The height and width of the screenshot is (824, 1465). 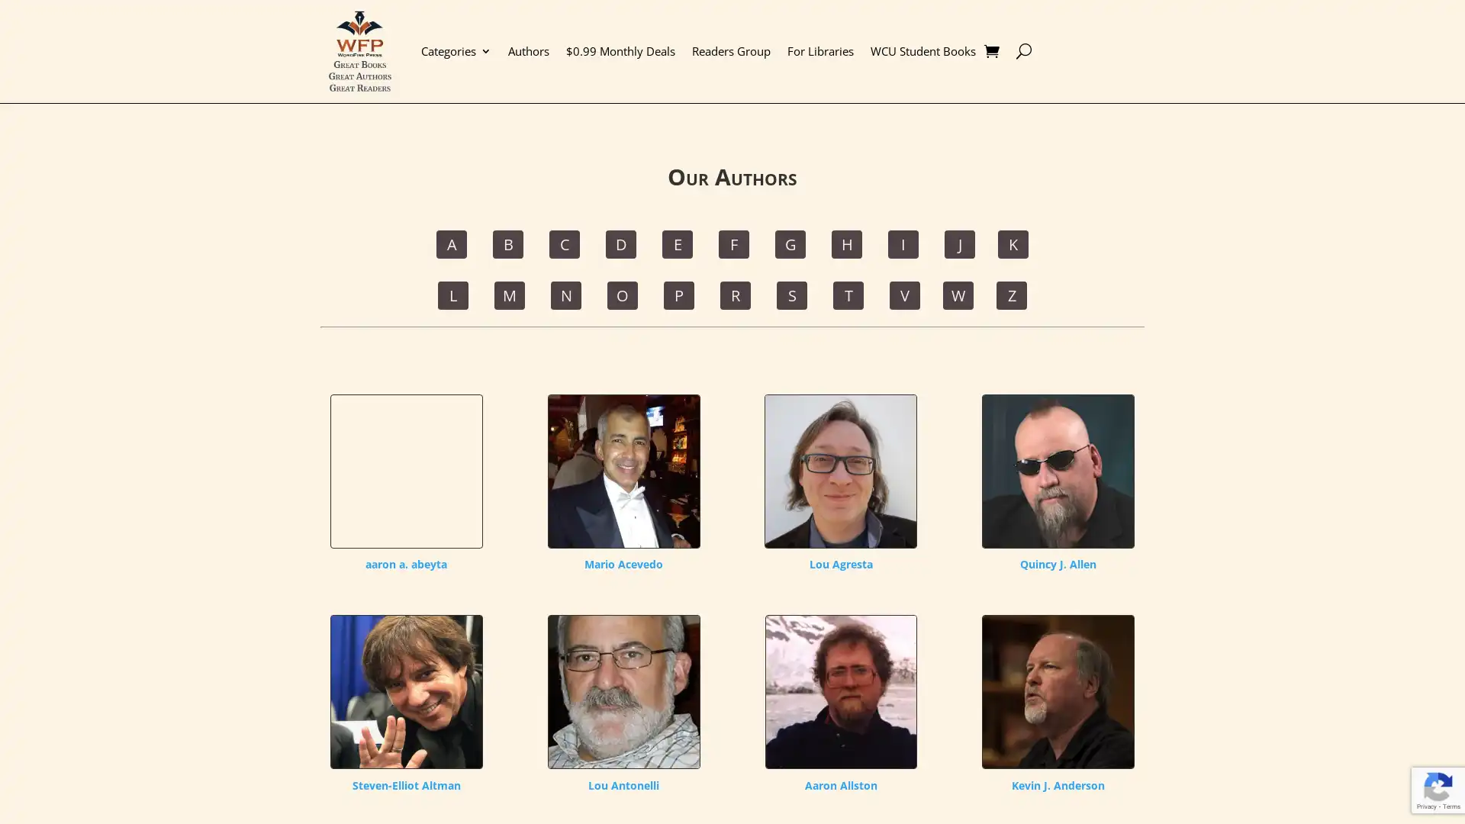 I want to click on W, so click(x=958, y=295).